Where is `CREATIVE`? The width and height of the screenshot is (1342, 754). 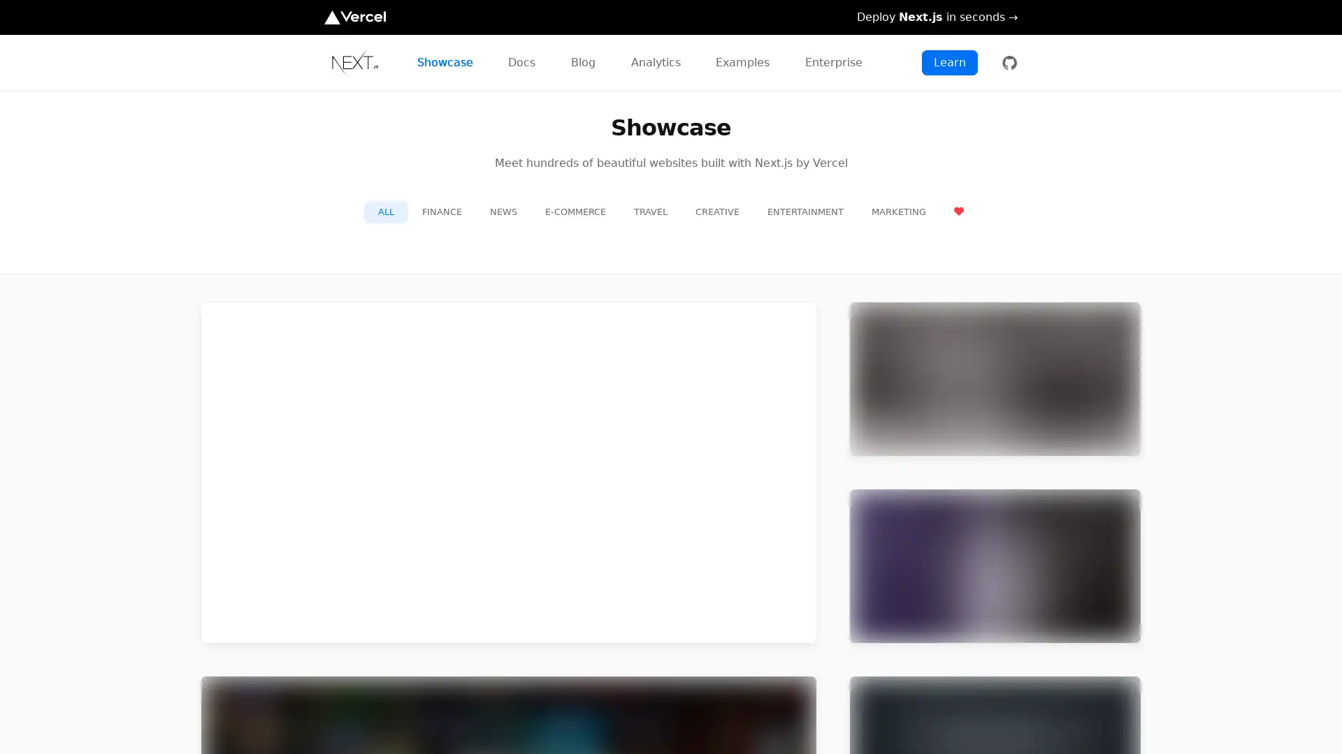 CREATIVE is located at coordinates (717, 212).